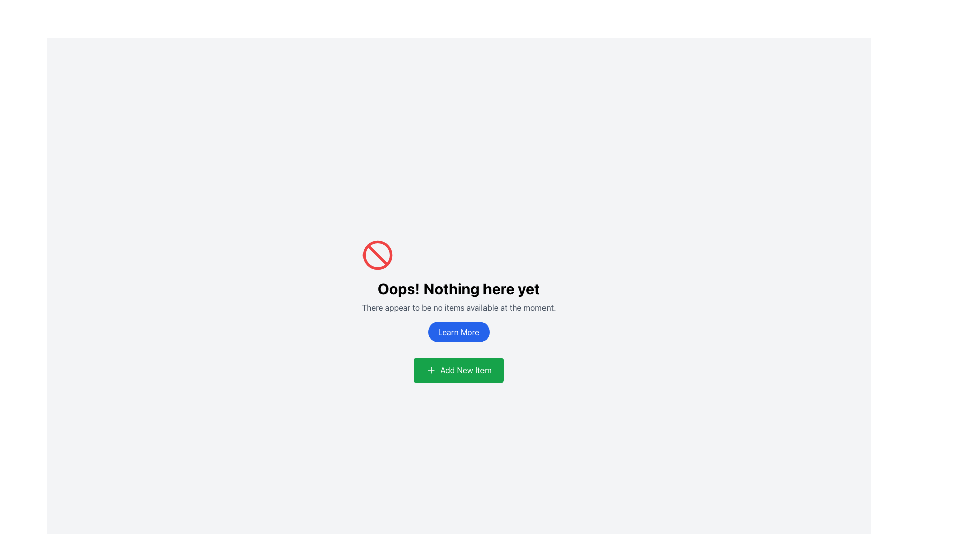 Image resolution: width=968 pixels, height=545 pixels. I want to click on the green 'Add New Item' button with a white label and a plus icon to initiate the add new item action, so click(458, 370).